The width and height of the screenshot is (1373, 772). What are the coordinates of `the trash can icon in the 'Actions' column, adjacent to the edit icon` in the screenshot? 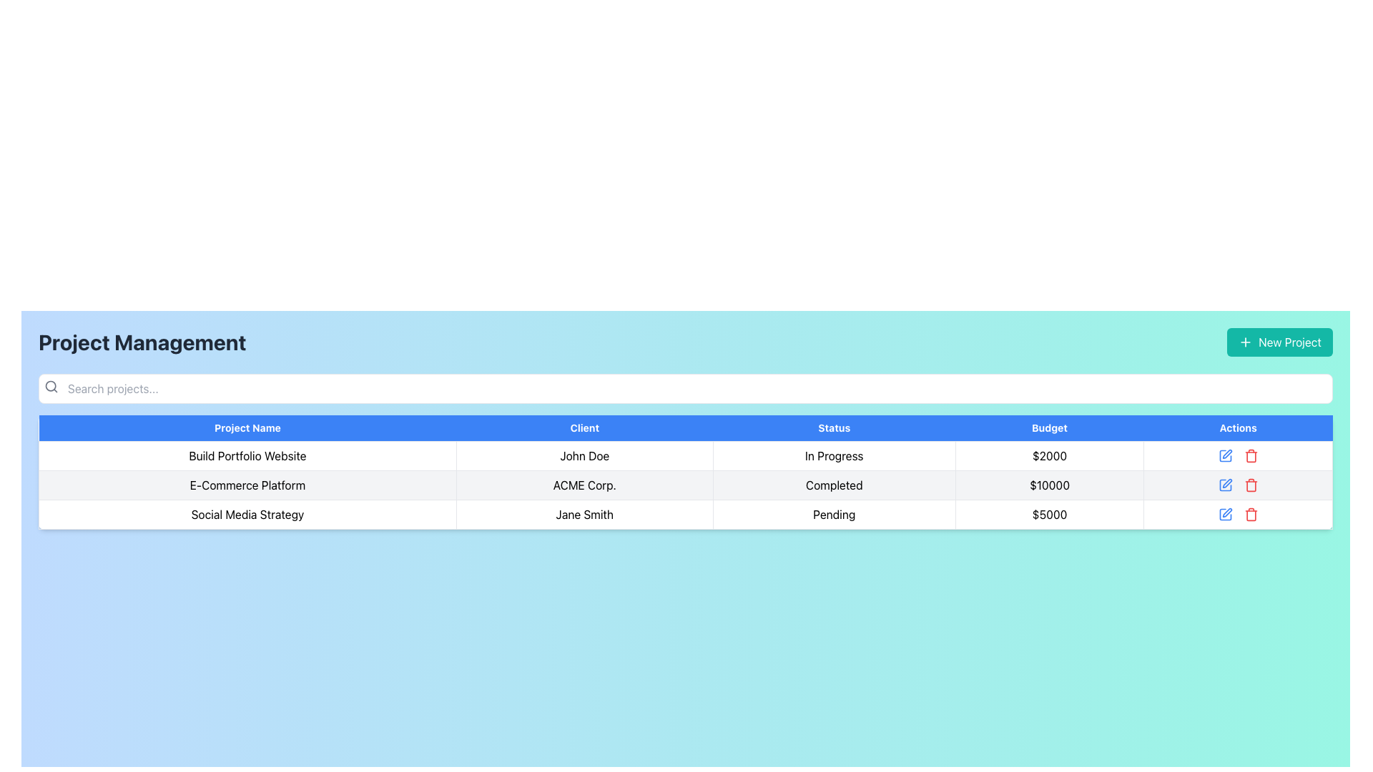 It's located at (1250, 515).